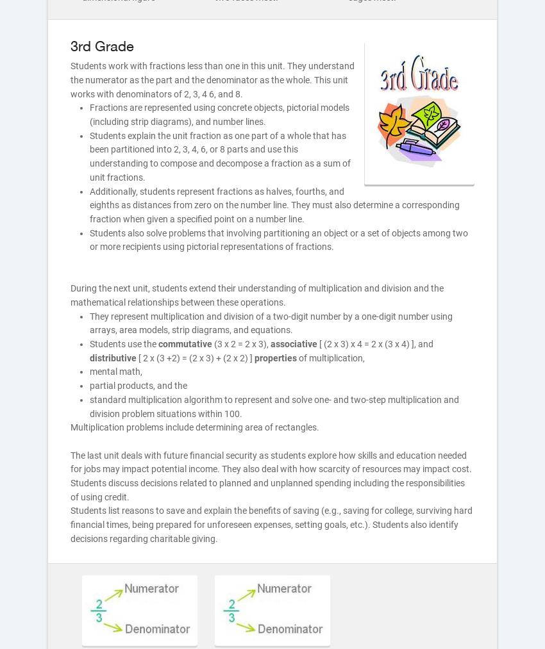  Describe the element at coordinates (274, 204) in the screenshot. I see `'Additionally, students represent fractions as halves, fourths, and eighths as distances from zero on the number line. They must also determine a corresponding fraction when given a specified point on a number line.'` at that location.